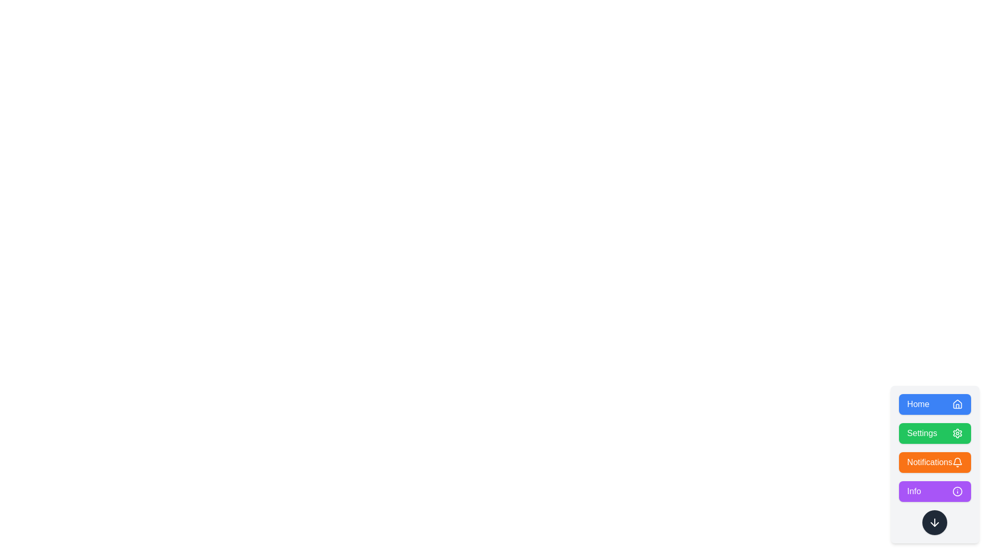 This screenshot has width=996, height=560. Describe the element at coordinates (934, 461) in the screenshot. I see `the button labeled Notifications to observe the scale animation effect` at that location.